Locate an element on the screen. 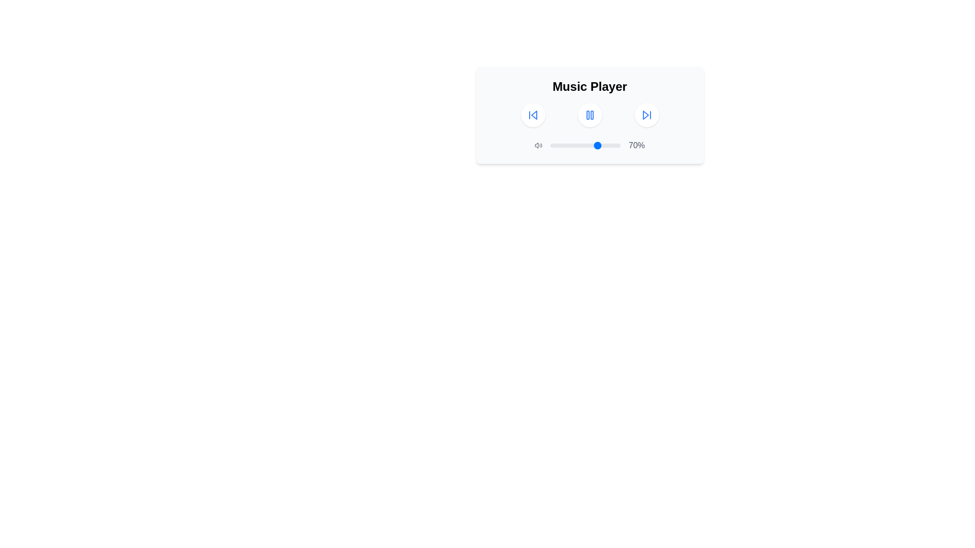 This screenshot has height=548, width=975. the slider is located at coordinates (562, 145).